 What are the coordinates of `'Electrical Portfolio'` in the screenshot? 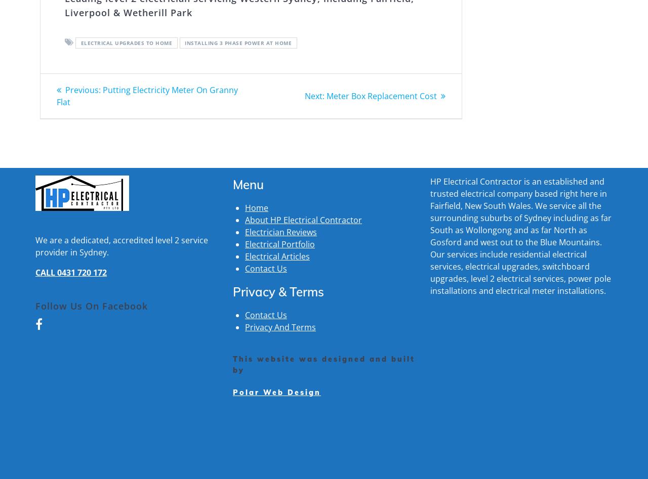 It's located at (245, 243).